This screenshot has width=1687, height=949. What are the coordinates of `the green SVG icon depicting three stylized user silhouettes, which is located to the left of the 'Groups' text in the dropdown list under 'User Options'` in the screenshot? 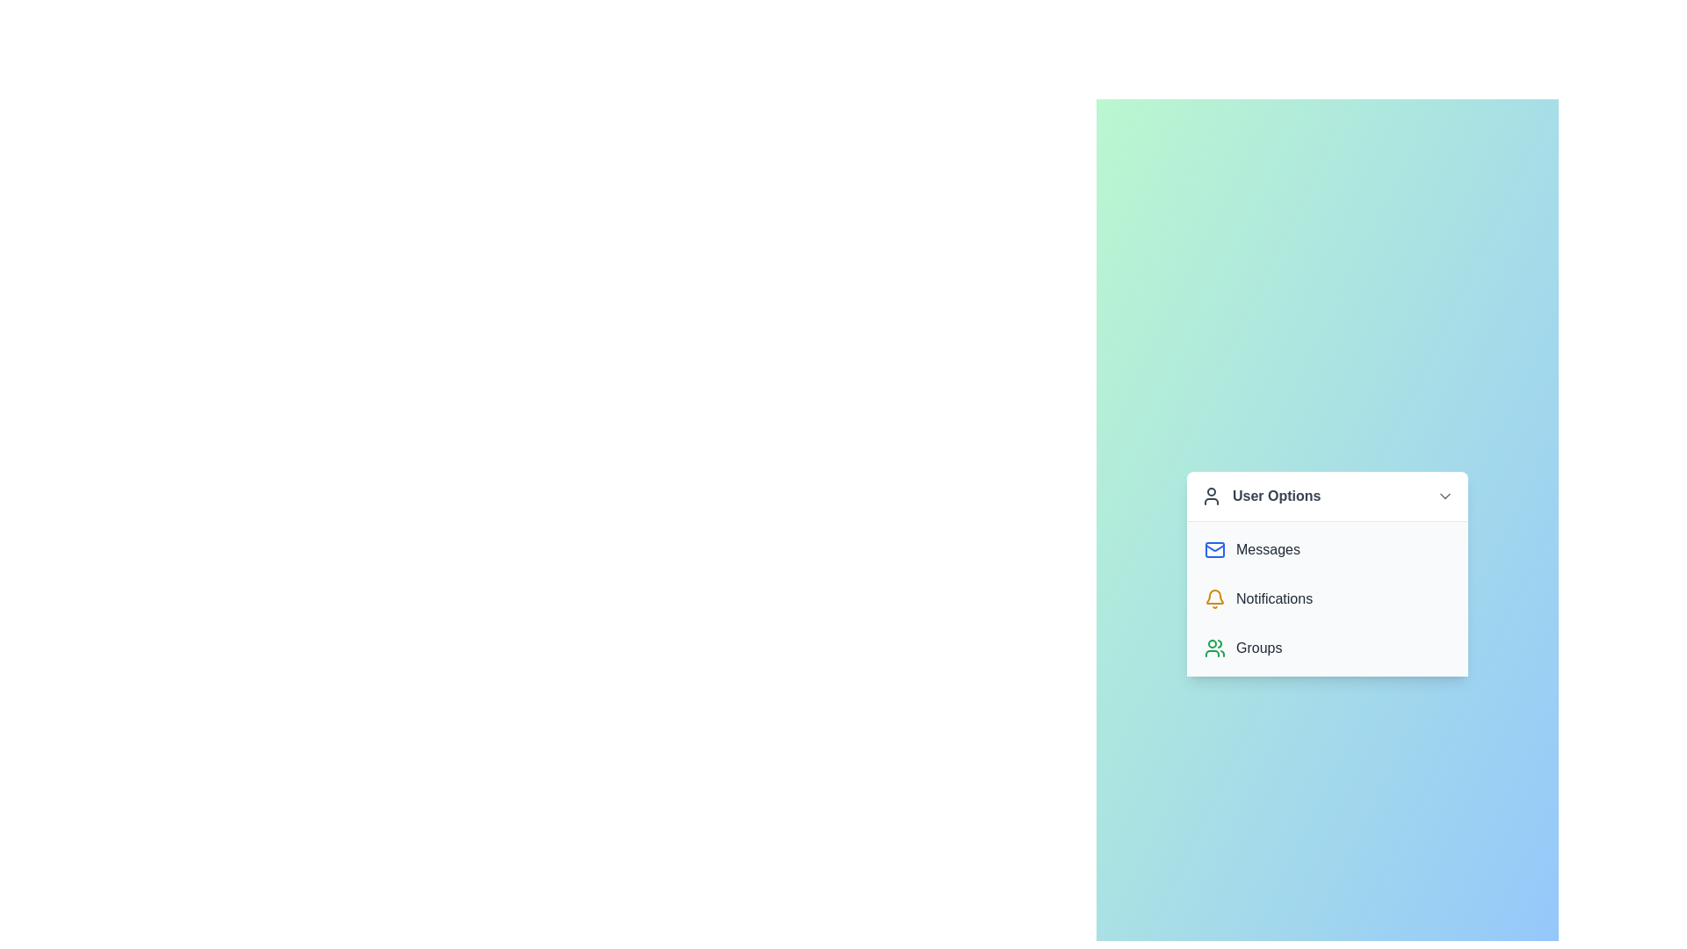 It's located at (1213, 648).